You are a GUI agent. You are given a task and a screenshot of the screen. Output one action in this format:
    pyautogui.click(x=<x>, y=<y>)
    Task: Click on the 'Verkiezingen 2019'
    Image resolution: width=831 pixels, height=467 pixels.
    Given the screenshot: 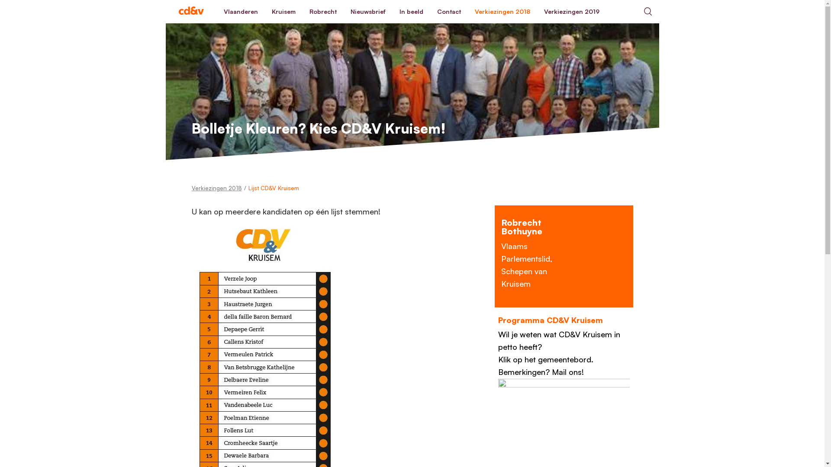 What is the action you would take?
    pyautogui.click(x=571, y=12)
    